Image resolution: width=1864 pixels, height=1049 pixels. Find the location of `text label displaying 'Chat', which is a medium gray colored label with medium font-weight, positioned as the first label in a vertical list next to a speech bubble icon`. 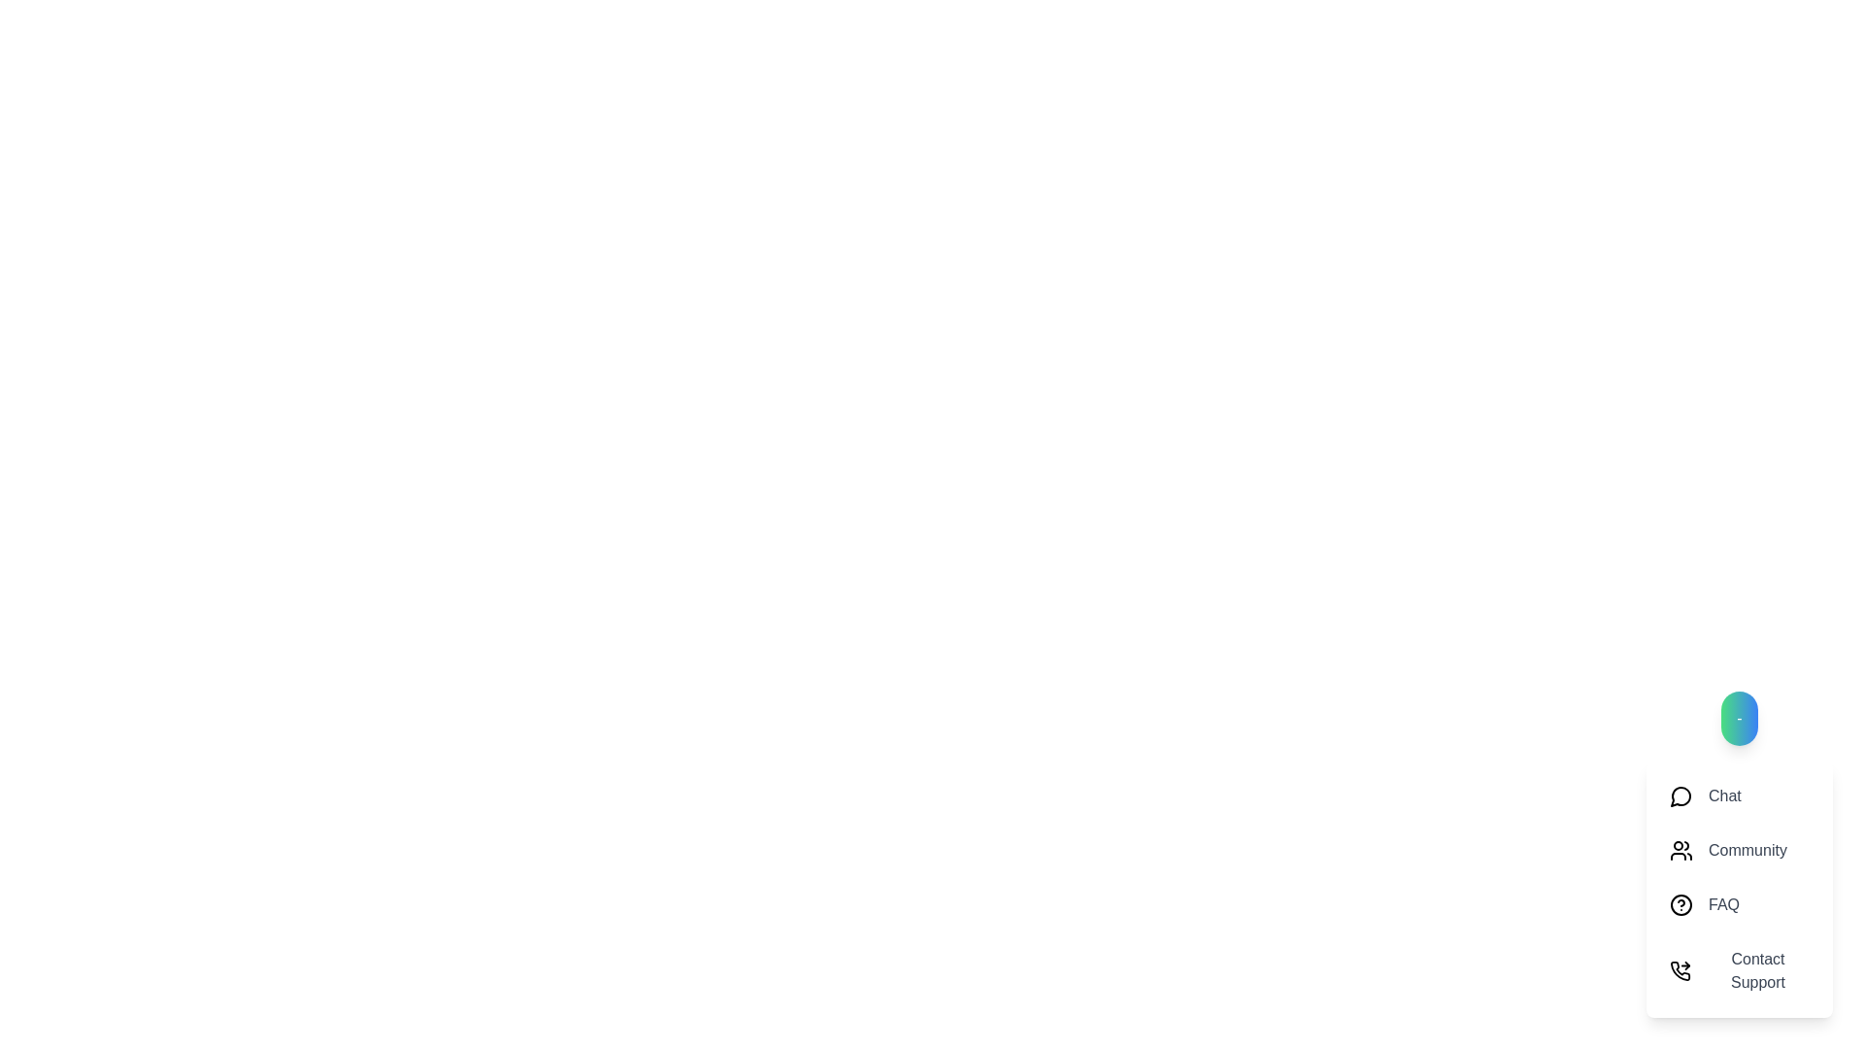

text label displaying 'Chat', which is a medium gray colored label with medium font-weight, positioned as the first label in a vertical list next to a speech bubble icon is located at coordinates (1724, 796).